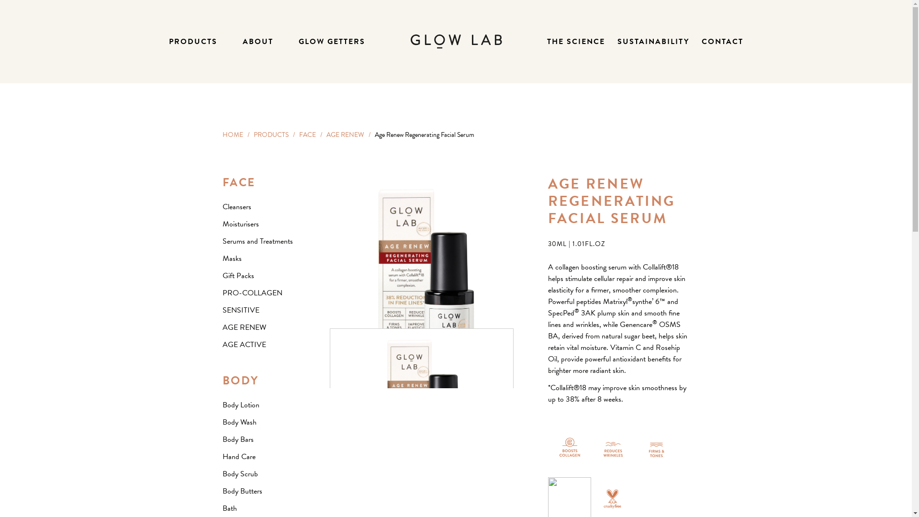 The height and width of the screenshot is (517, 919). I want to click on 'FACE', so click(298, 135).